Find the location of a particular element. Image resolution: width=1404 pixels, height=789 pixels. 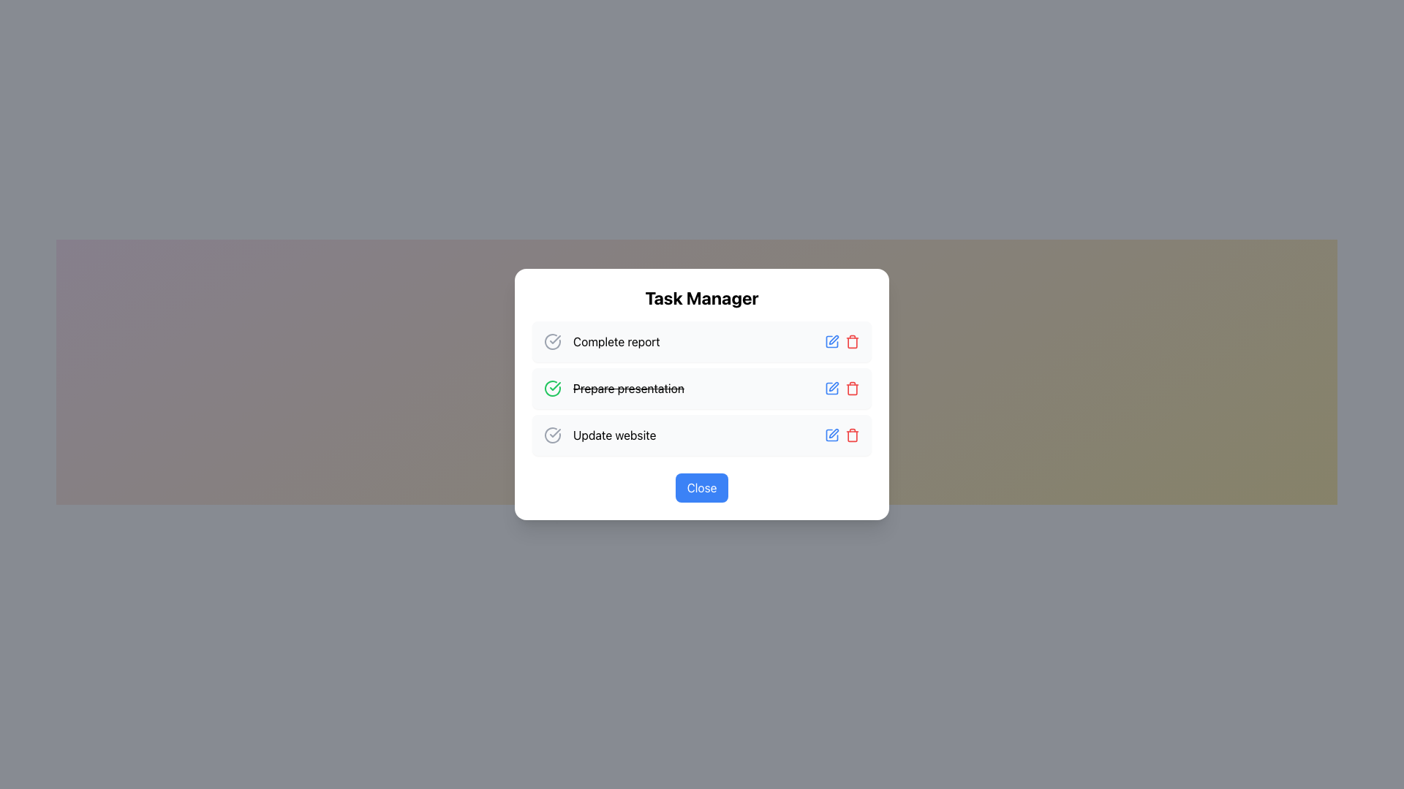

text of the 'Complete report' label, which is the first task item in the task manager's list is located at coordinates (616, 341).